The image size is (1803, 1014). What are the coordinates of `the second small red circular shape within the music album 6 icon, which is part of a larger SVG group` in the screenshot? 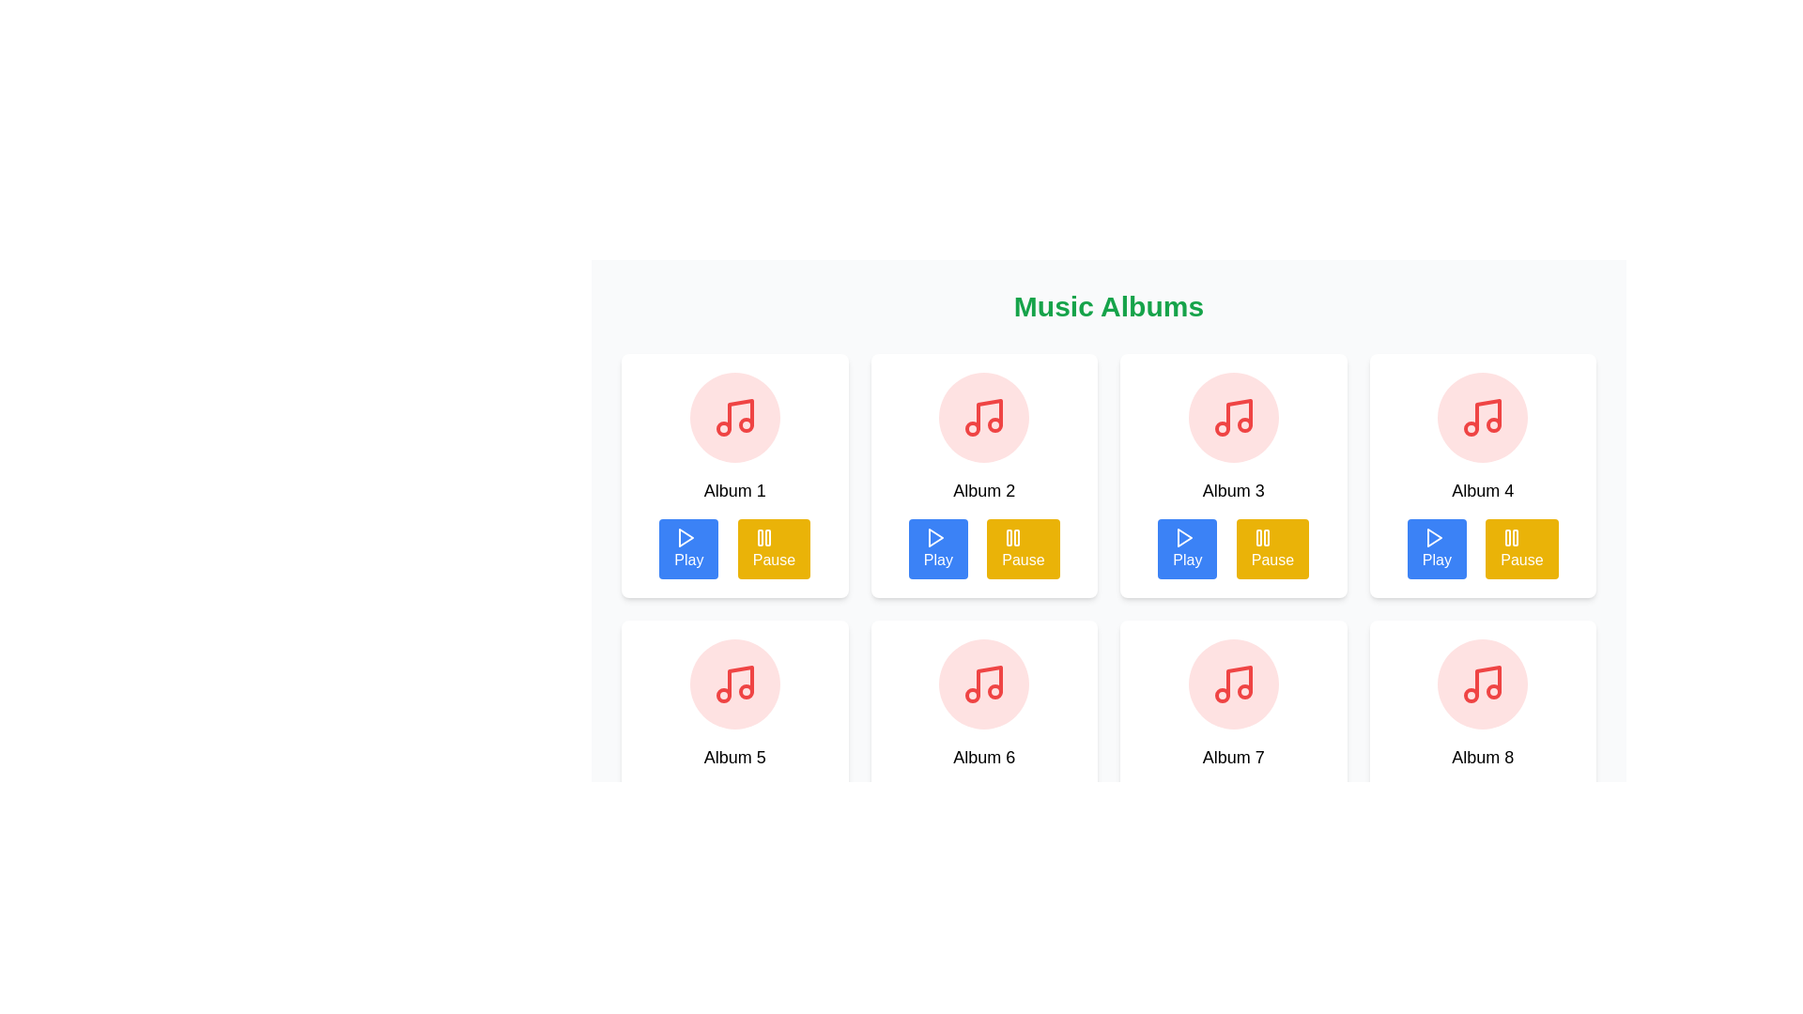 It's located at (994, 691).